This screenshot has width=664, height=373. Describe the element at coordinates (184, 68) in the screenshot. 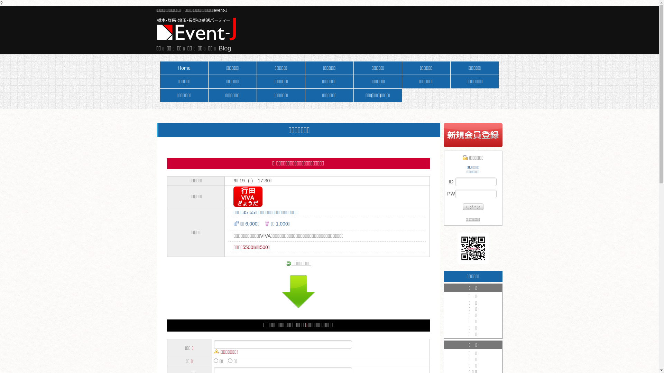

I see `'Home'` at that location.